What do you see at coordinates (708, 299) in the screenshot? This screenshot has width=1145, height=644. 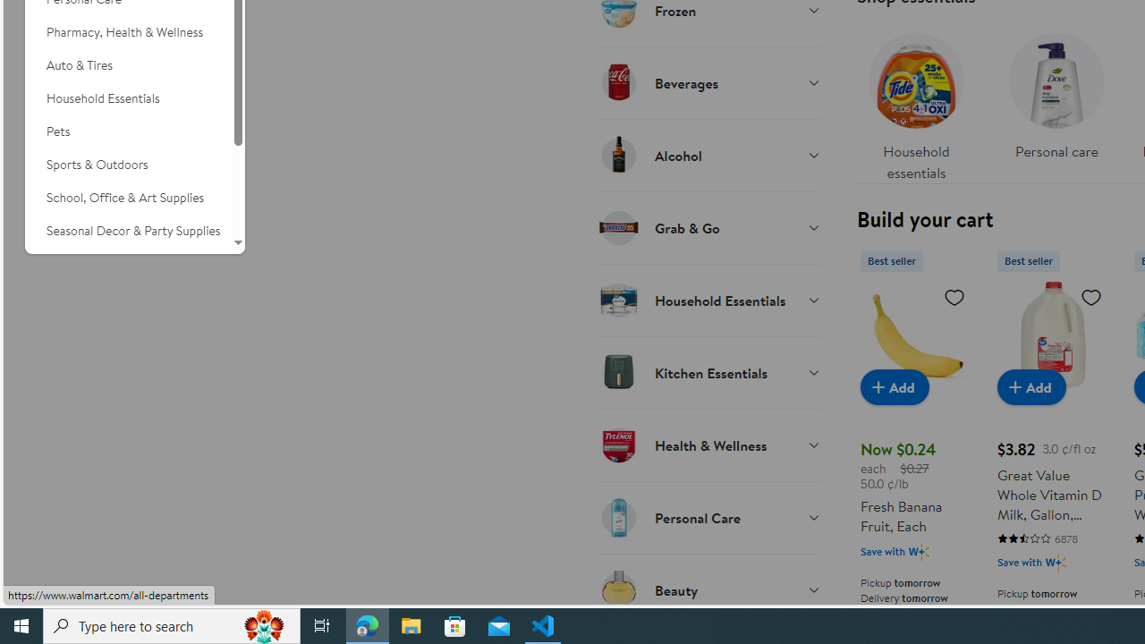 I see `'Household Essentials'` at bounding box center [708, 299].